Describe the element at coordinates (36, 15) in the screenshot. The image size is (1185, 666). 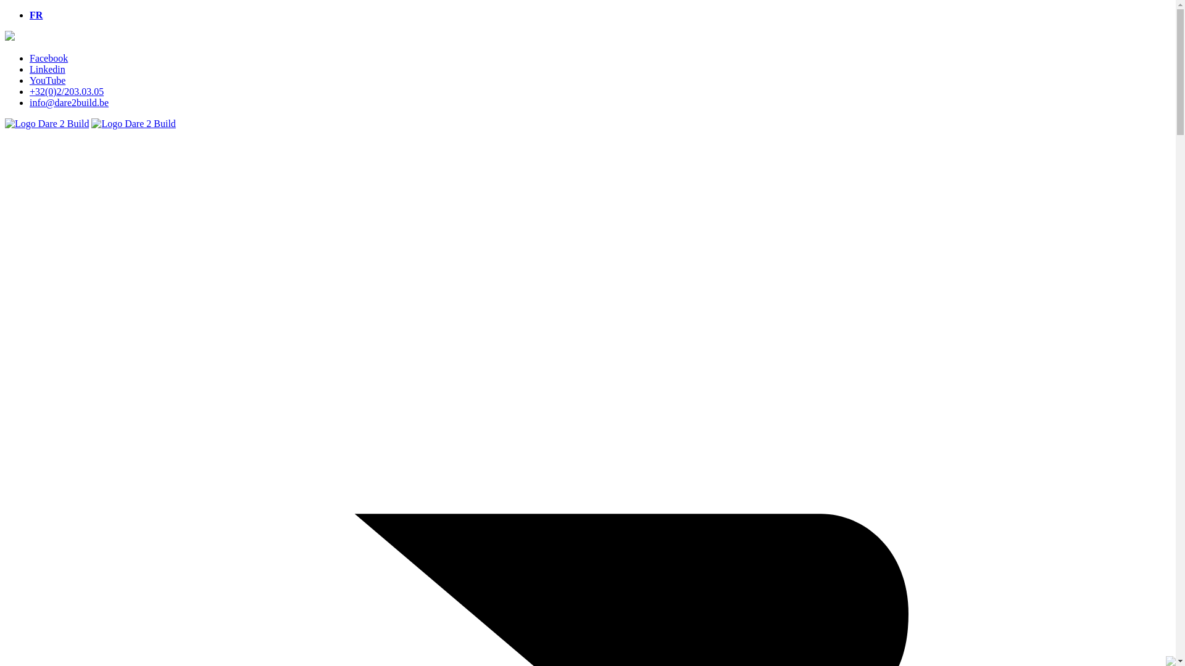
I see `'FR'` at that location.